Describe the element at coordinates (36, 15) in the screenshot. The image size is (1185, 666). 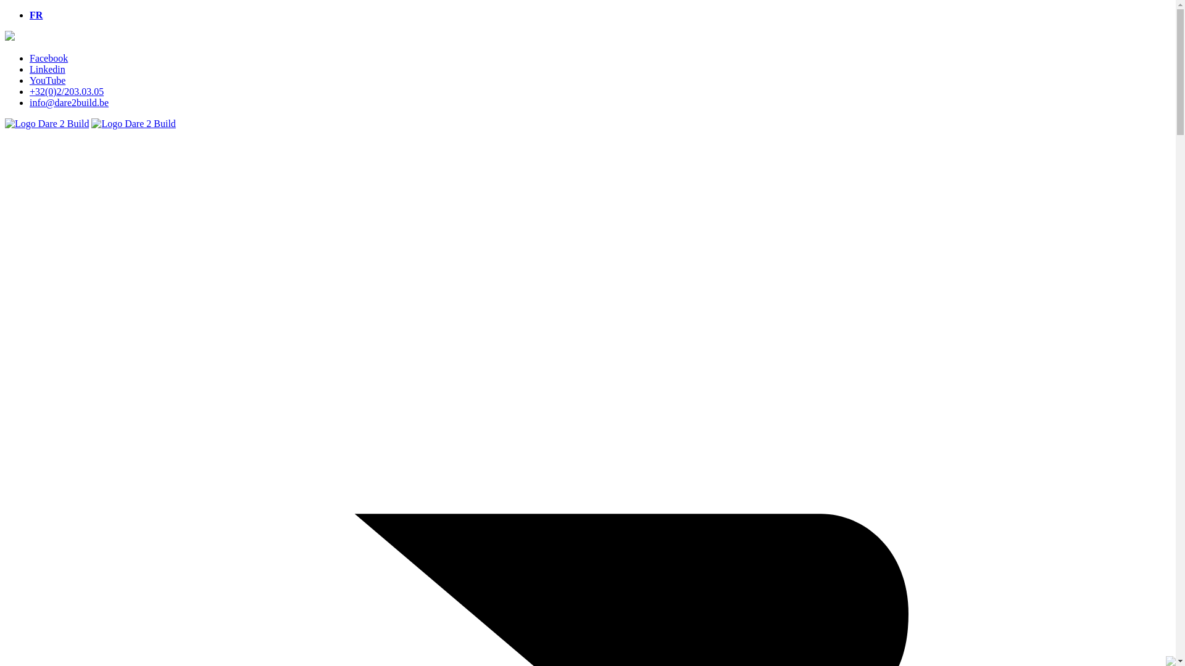
I see `'FR'` at that location.